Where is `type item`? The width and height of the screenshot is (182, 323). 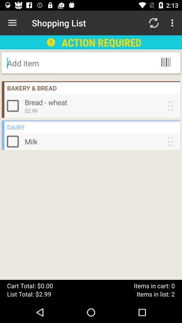 type item is located at coordinates (61, 63).